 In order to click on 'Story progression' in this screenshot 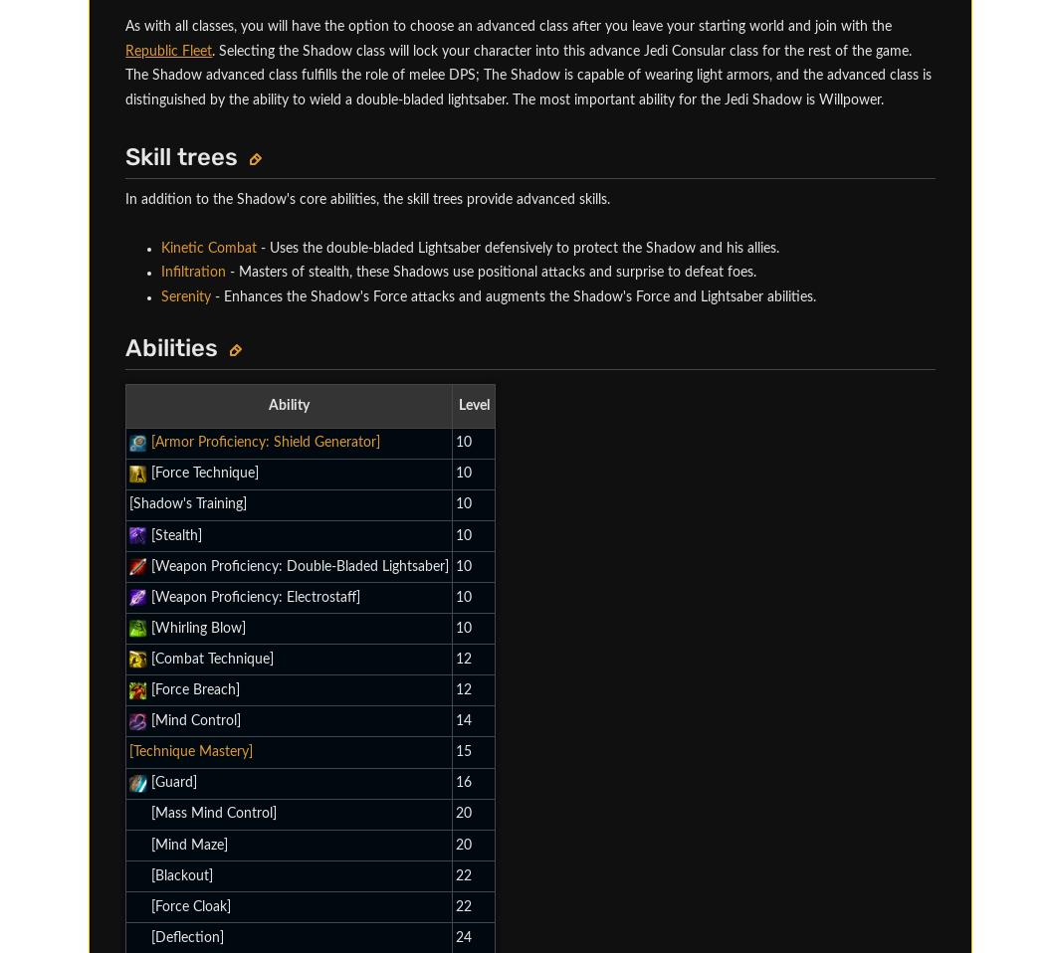, I will do `click(227, 159)`.